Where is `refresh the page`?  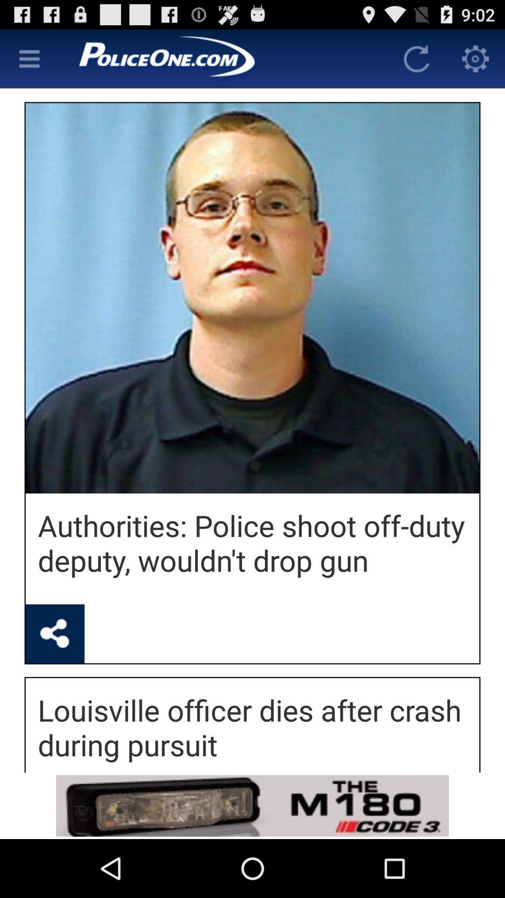 refresh the page is located at coordinates (416, 58).